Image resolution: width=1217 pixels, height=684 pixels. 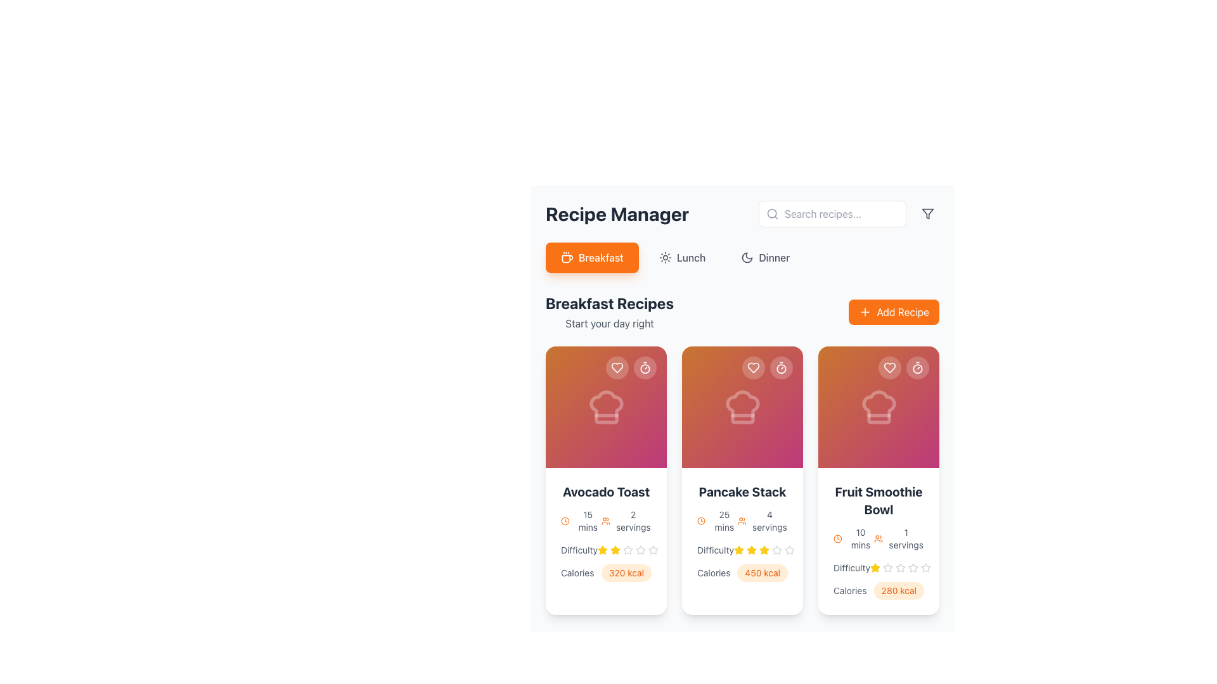 What do you see at coordinates (742, 562) in the screenshot?
I see `text label displaying the caloric value of the 'Pancake Stack' recipe, which is located in the bottom section of the middle card in the recipe grid, immediately after the 'Calories' label and under the rating stars` at bounding box center [742, 562].